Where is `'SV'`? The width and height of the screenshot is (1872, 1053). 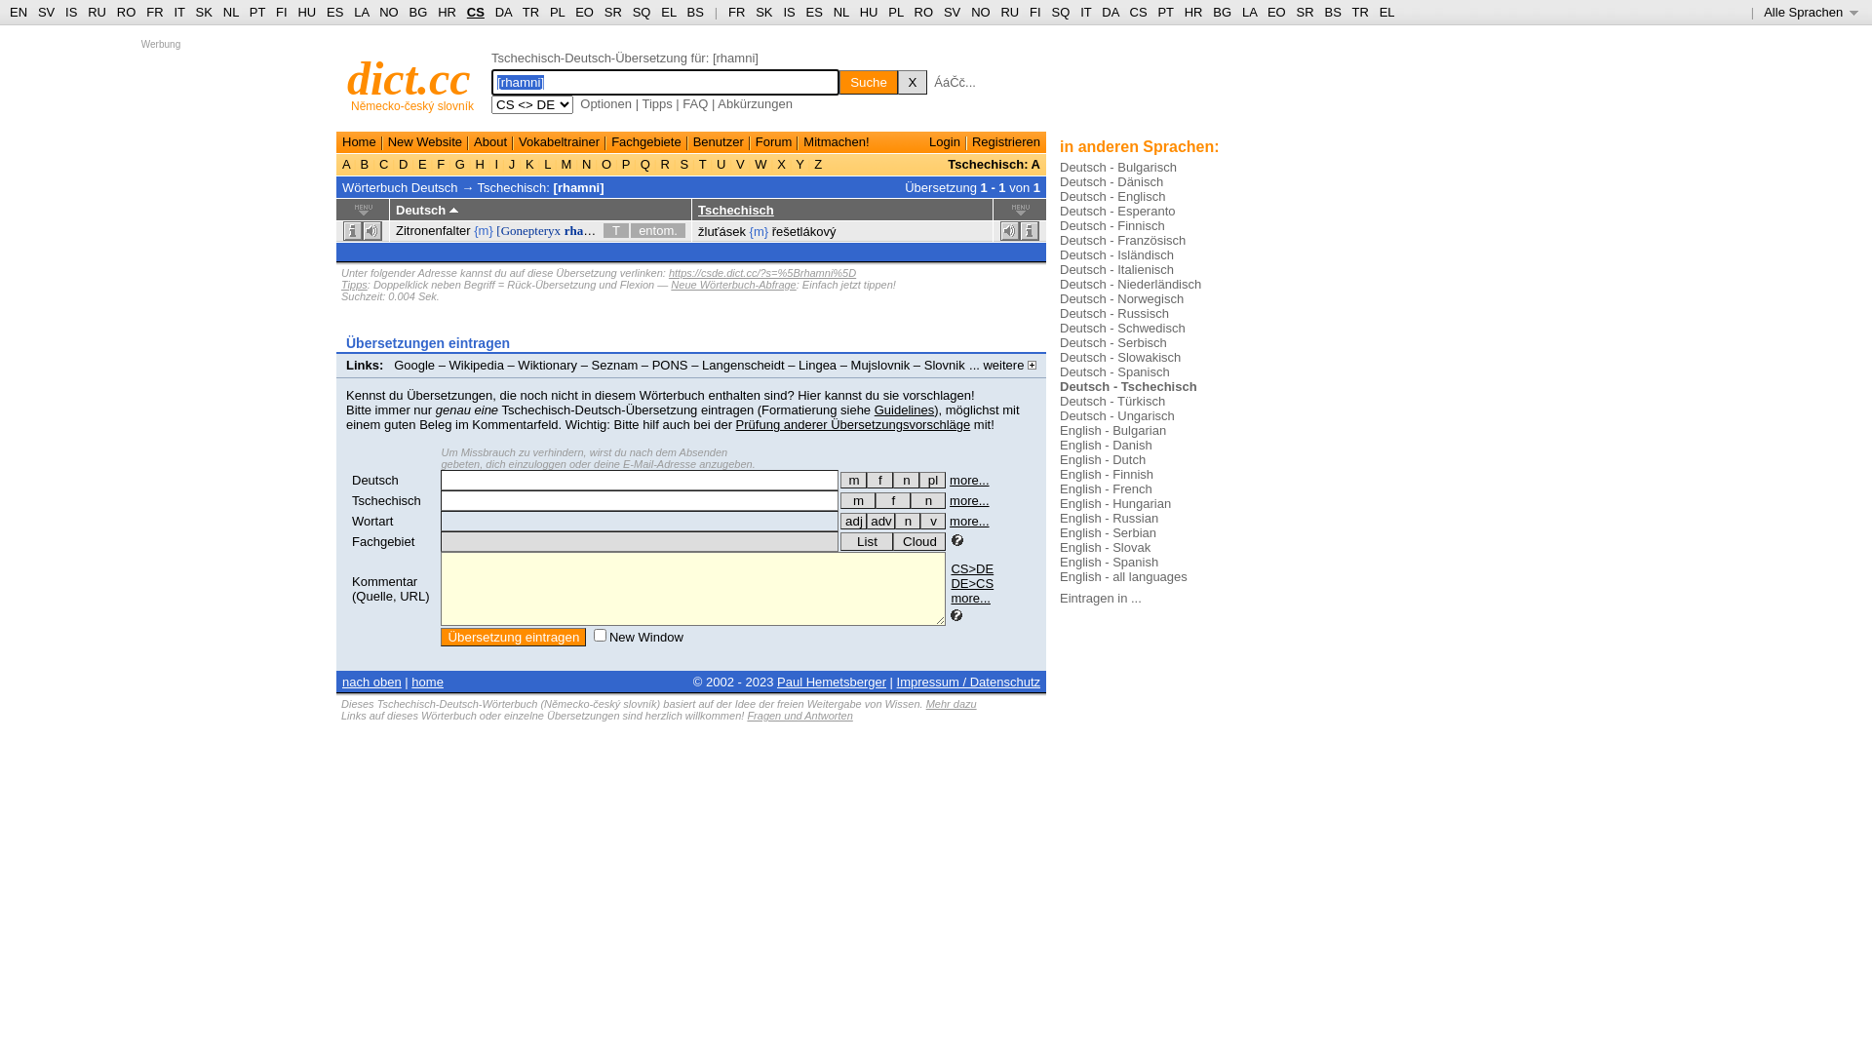
'SV' is located at coordinates (46, 12).